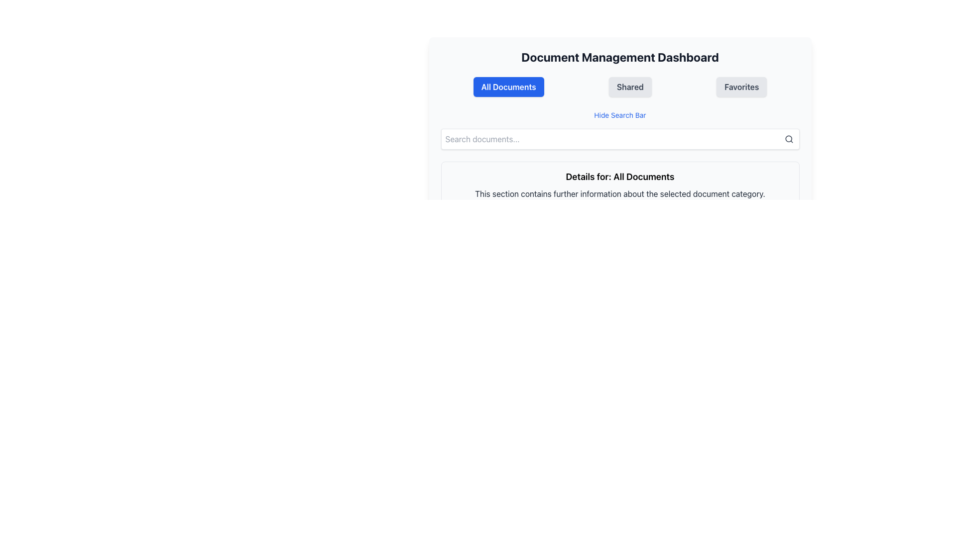 This screenshot has width=956, height=537. I want to click on the Hyperlink (interactive text) that toggles the visibility of the search bar to change its text color, so click(619, 114).